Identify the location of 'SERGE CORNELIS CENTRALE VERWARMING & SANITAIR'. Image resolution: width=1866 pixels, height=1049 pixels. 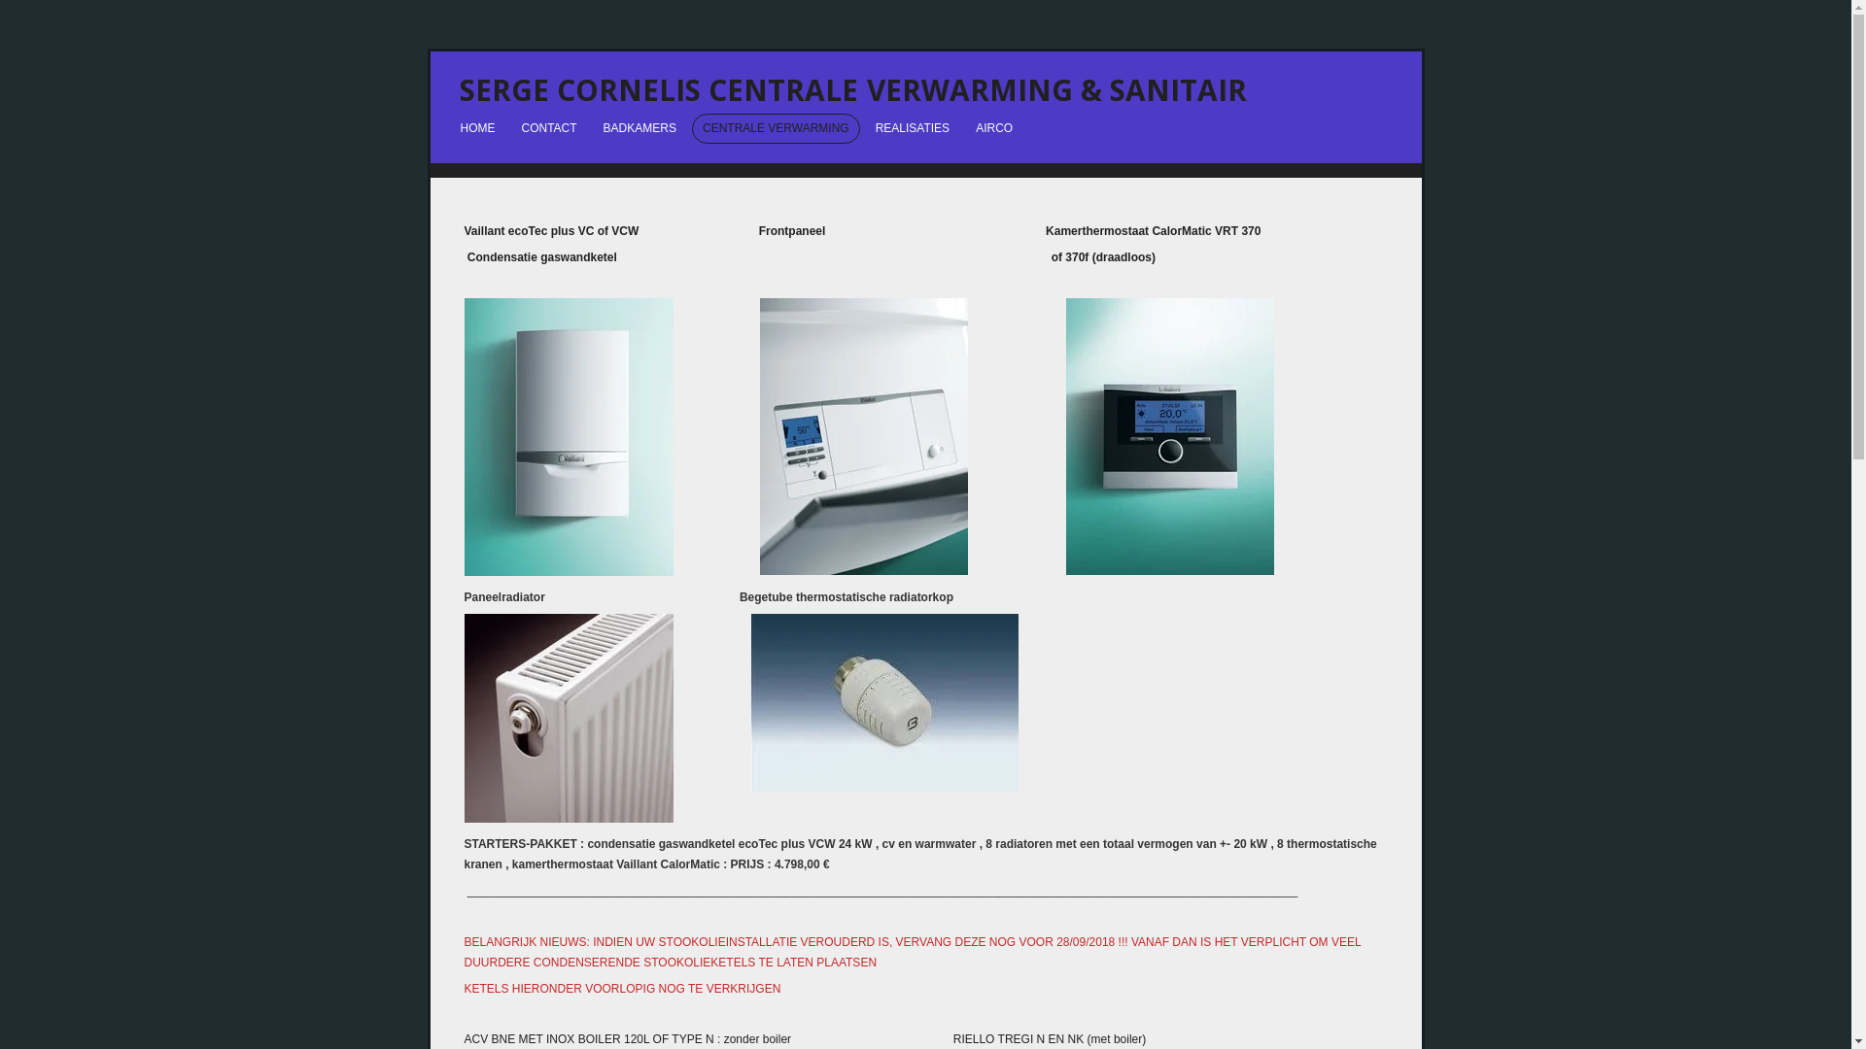
(852, 87).